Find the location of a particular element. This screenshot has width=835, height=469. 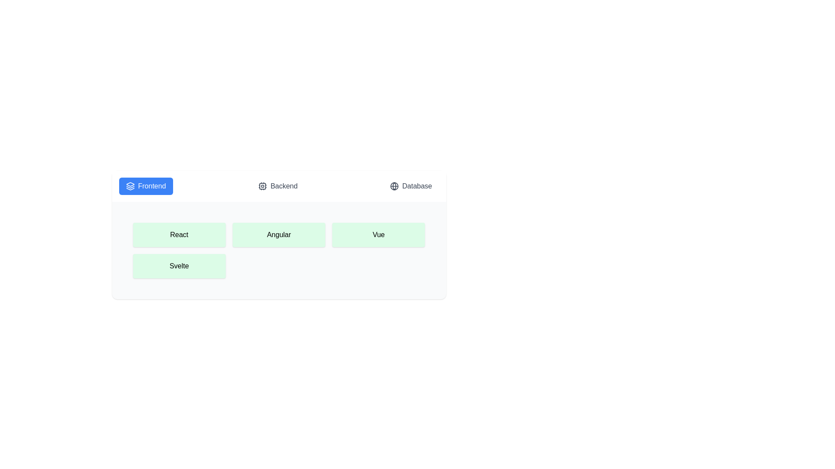

the framework React to interact with it is located at coordinates (179, 234).